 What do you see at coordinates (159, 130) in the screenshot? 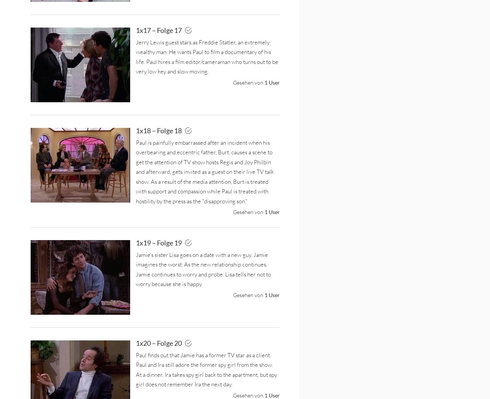
I see `'1x18 – Folge 18'` at bounding box center [159, 130].